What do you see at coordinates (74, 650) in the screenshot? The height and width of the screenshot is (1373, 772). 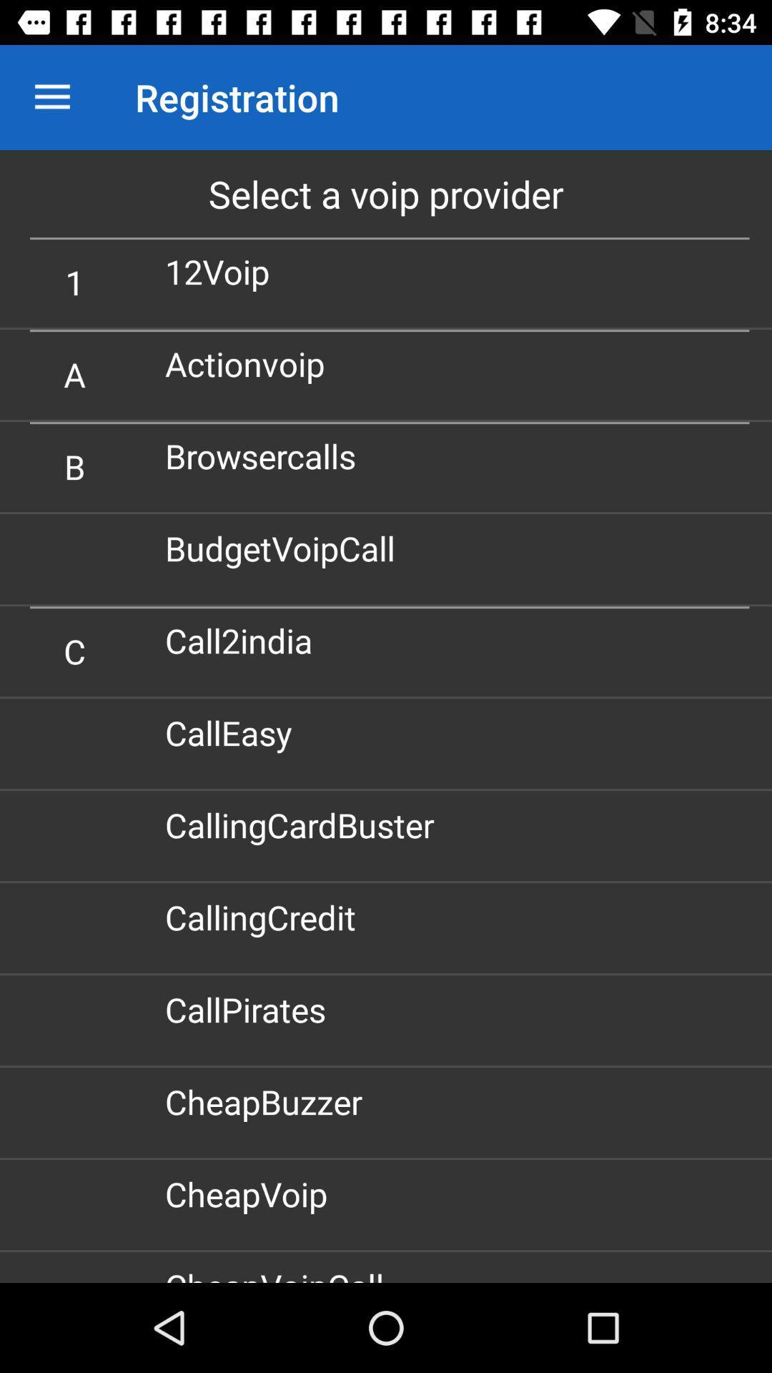 I see `the c` at bounding box center [74, 650].